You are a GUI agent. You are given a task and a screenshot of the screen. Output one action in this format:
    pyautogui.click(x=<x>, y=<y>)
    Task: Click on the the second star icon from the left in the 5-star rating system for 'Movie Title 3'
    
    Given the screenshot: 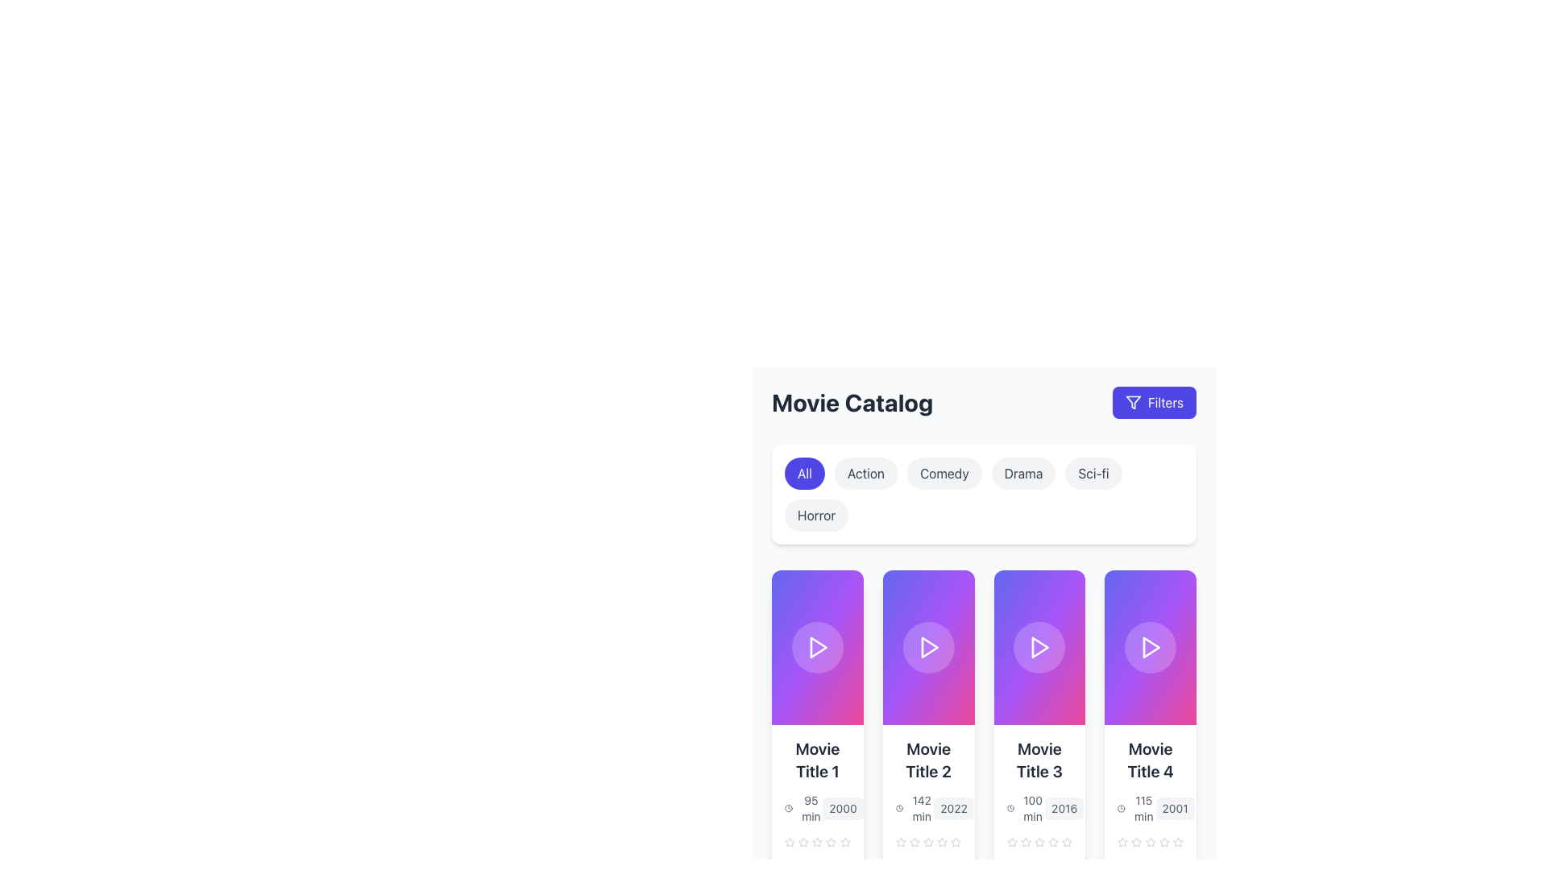 What is the action you would take?
    pyautogui.click(x=1039, y=841)
    